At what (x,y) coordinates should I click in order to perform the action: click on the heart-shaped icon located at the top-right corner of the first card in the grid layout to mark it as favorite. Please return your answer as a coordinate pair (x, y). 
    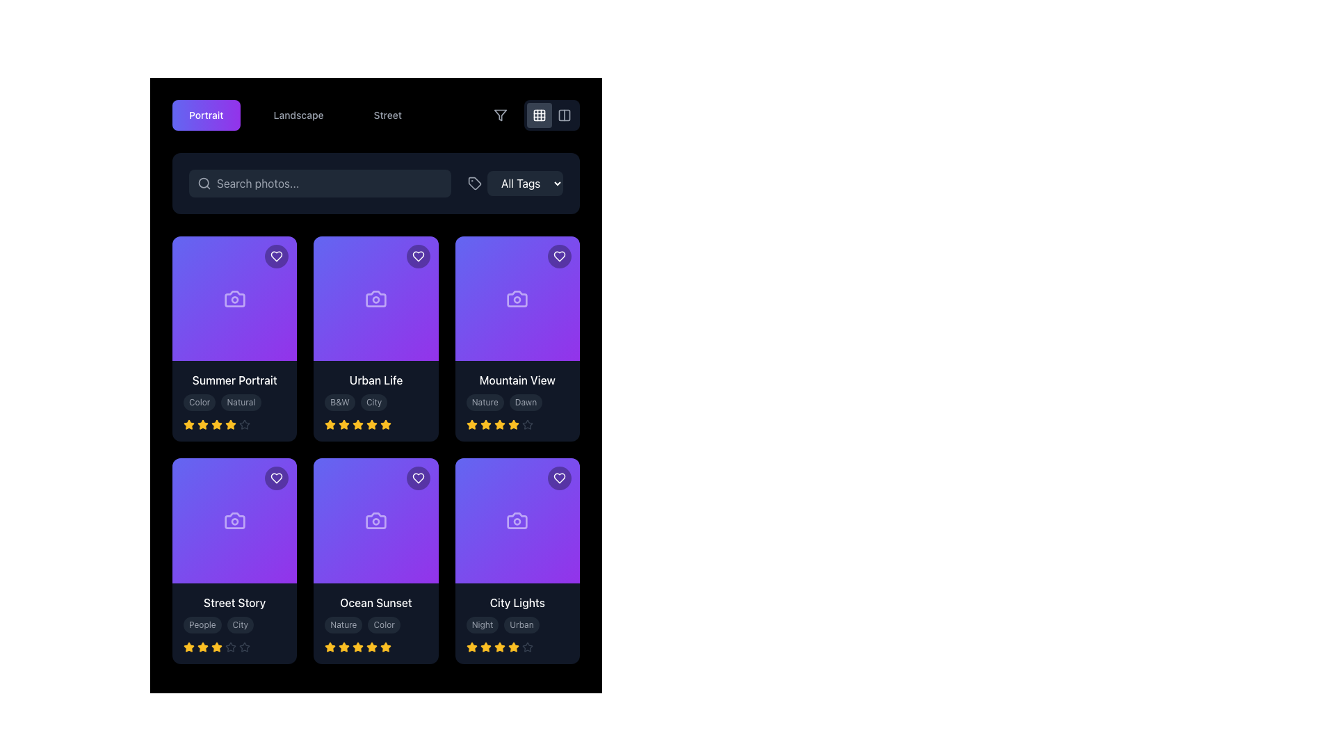
    Looking at the image, I should click on (277, 257).